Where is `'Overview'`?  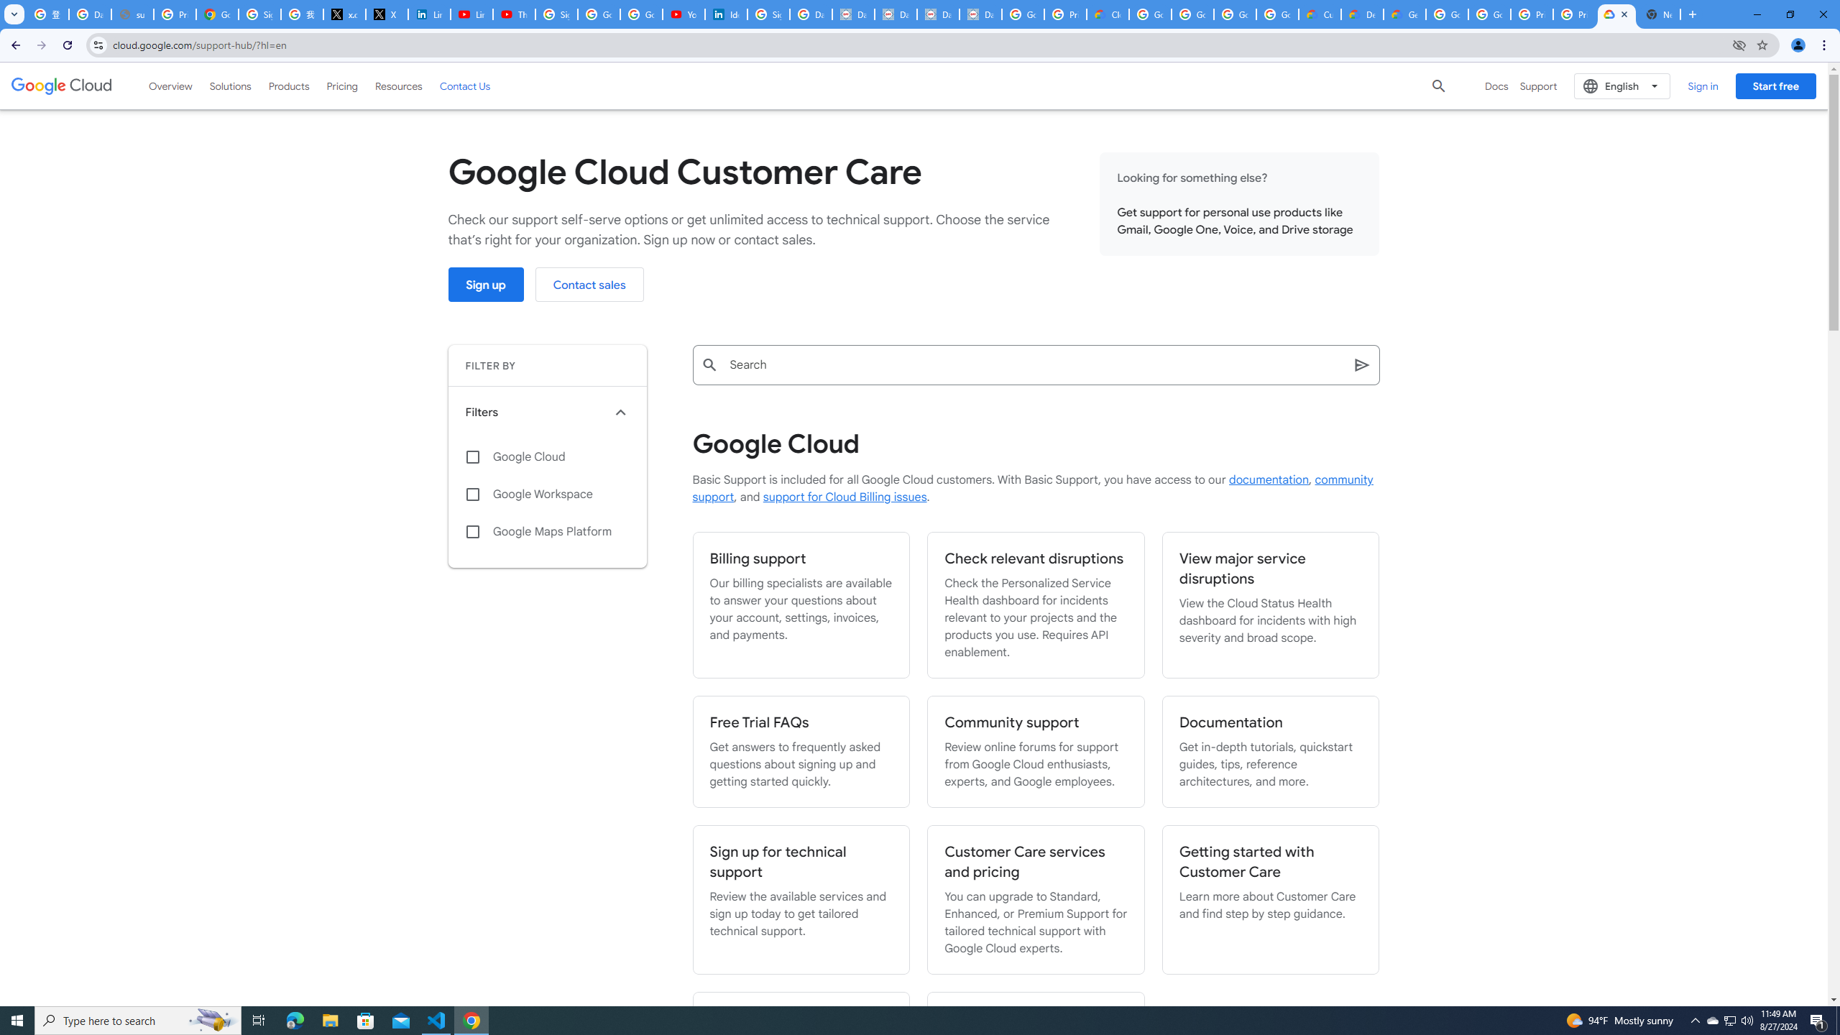
'Overview' is located at coordinates (170, 85).